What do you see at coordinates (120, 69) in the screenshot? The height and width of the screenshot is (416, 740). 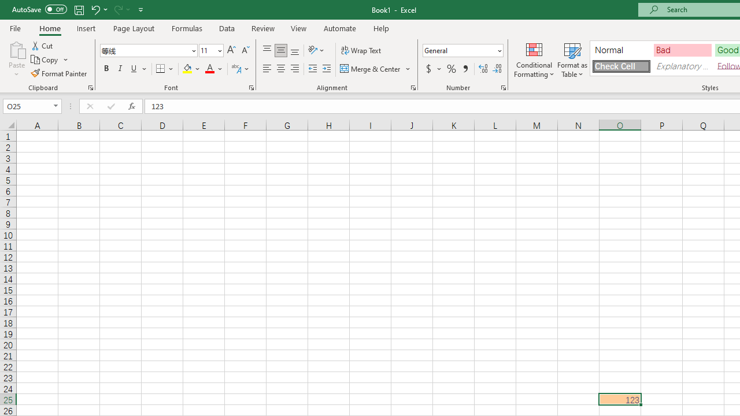 I see `'Italic'` at bounding box center [120, 69].